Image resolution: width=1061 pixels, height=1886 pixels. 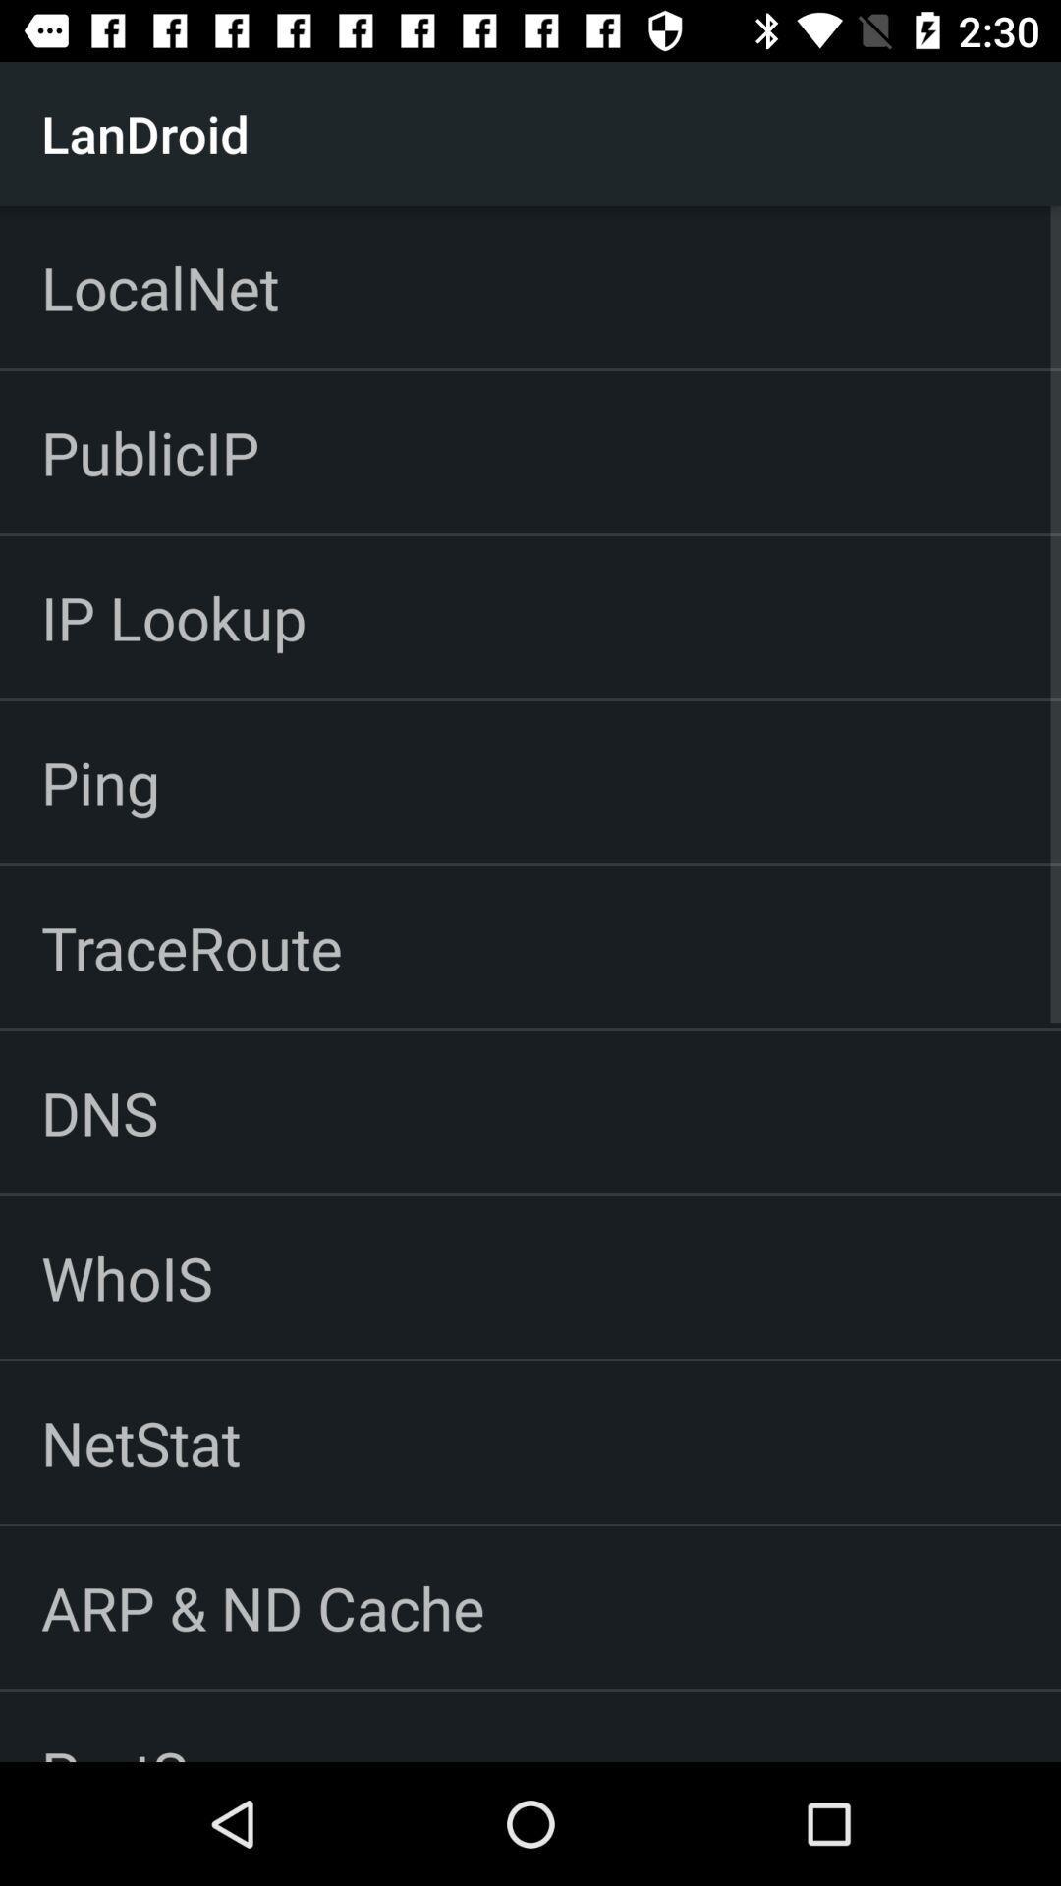 I want to click on ping, so click(x=100, y=781).